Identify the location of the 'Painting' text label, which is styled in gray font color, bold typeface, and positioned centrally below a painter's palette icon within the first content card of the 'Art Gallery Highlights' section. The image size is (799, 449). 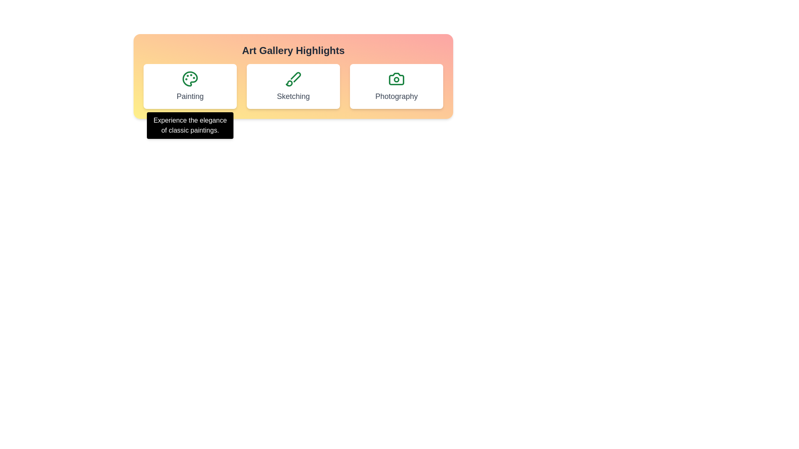
(189, 96).